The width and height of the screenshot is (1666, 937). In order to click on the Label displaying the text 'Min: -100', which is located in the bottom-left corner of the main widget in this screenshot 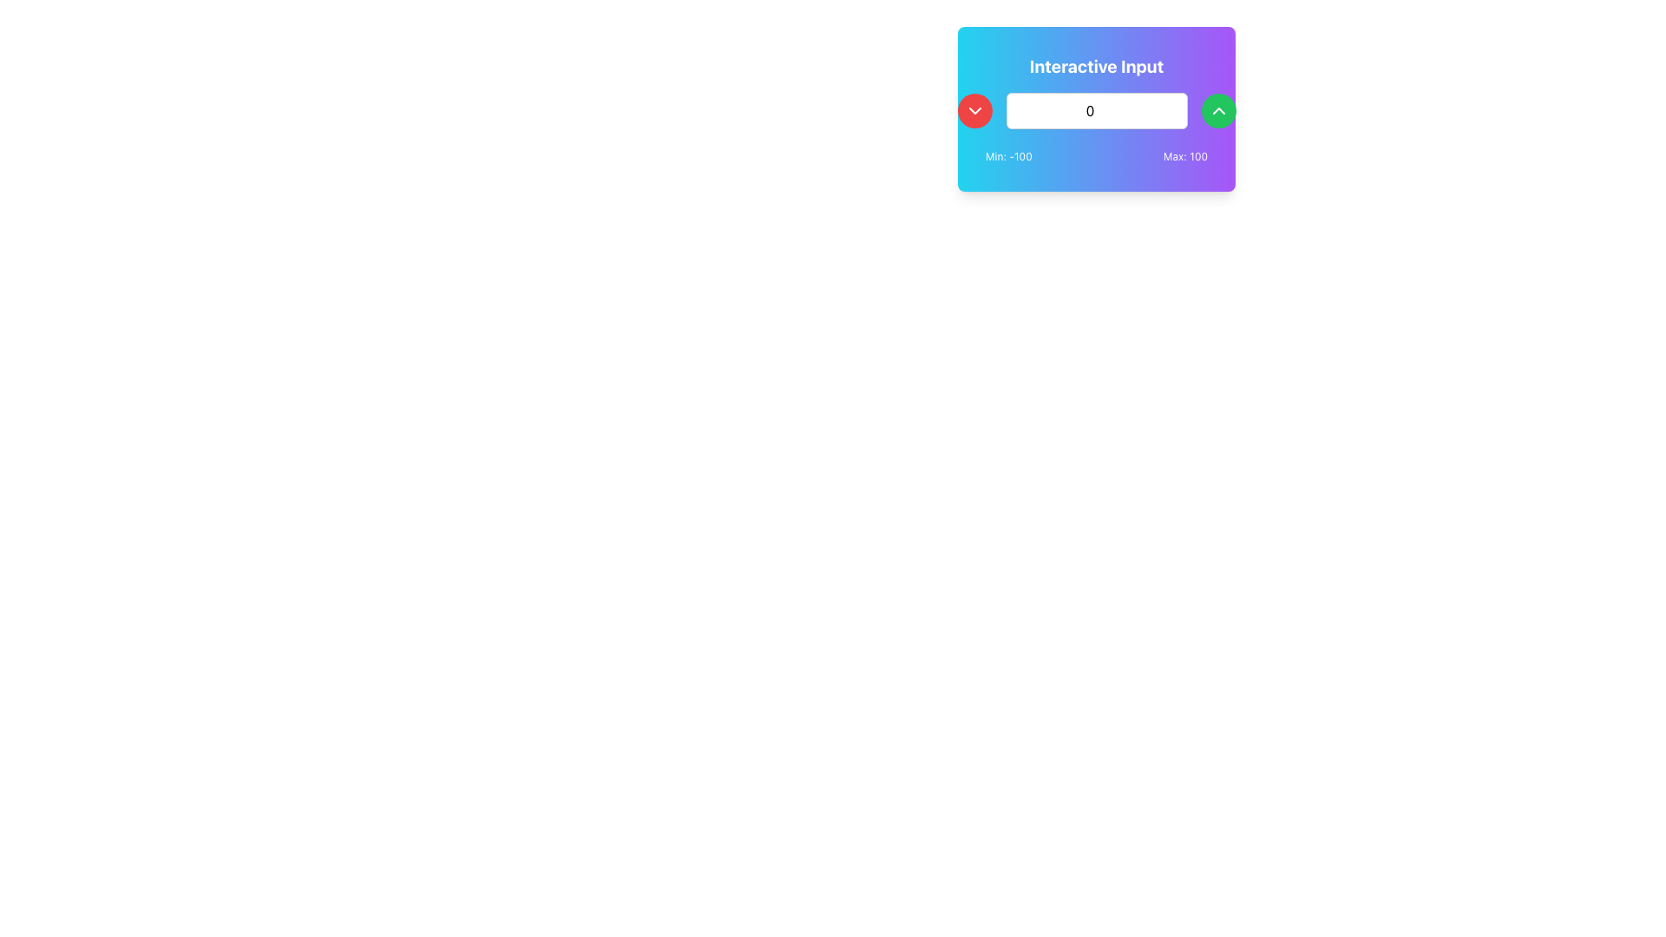, I will do `click(1008, 157)`.